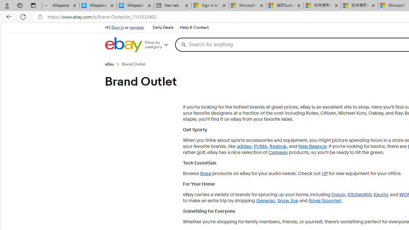 Image resolution: width=409 pixels, height=230 pixels. Describe the element at coordinates (163, 27) in the screenshot. I see `'Daily Deals'` at that location.